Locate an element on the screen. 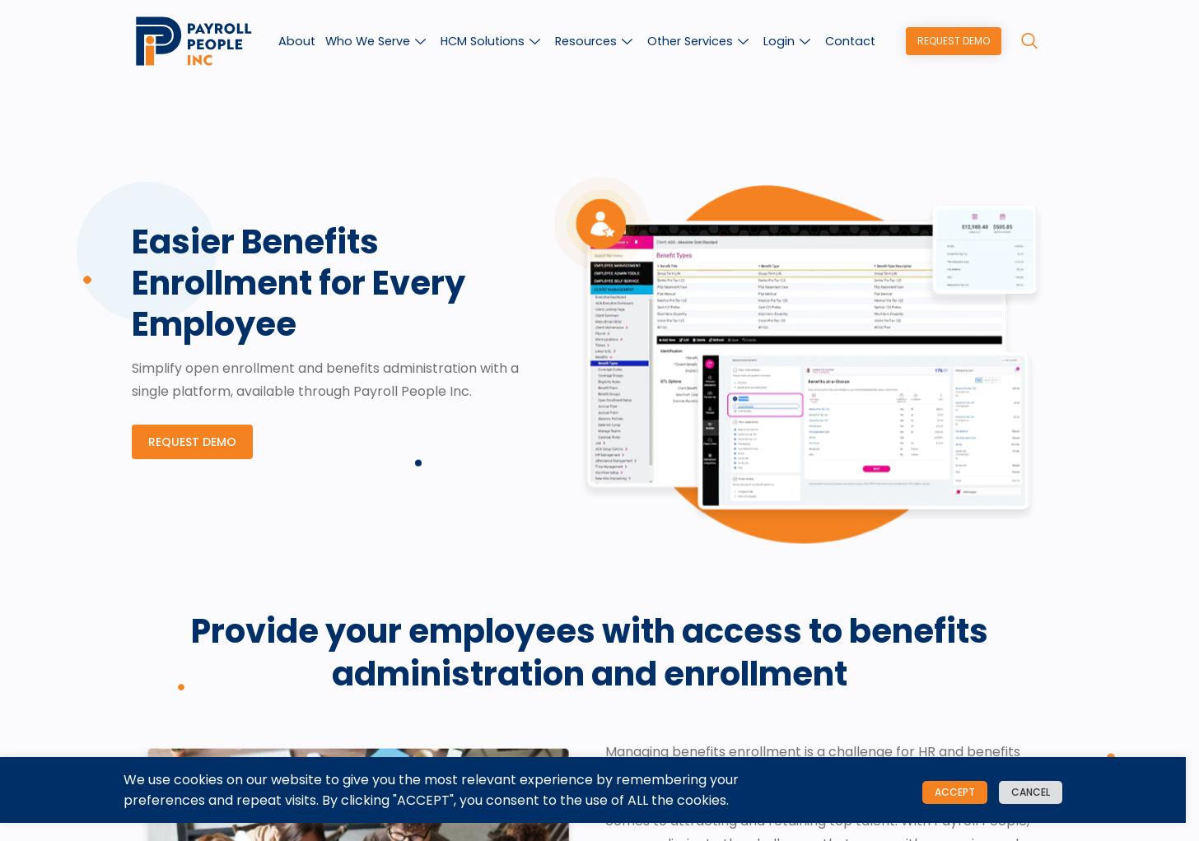  'HR Help' is located at coordinates (851, 272).